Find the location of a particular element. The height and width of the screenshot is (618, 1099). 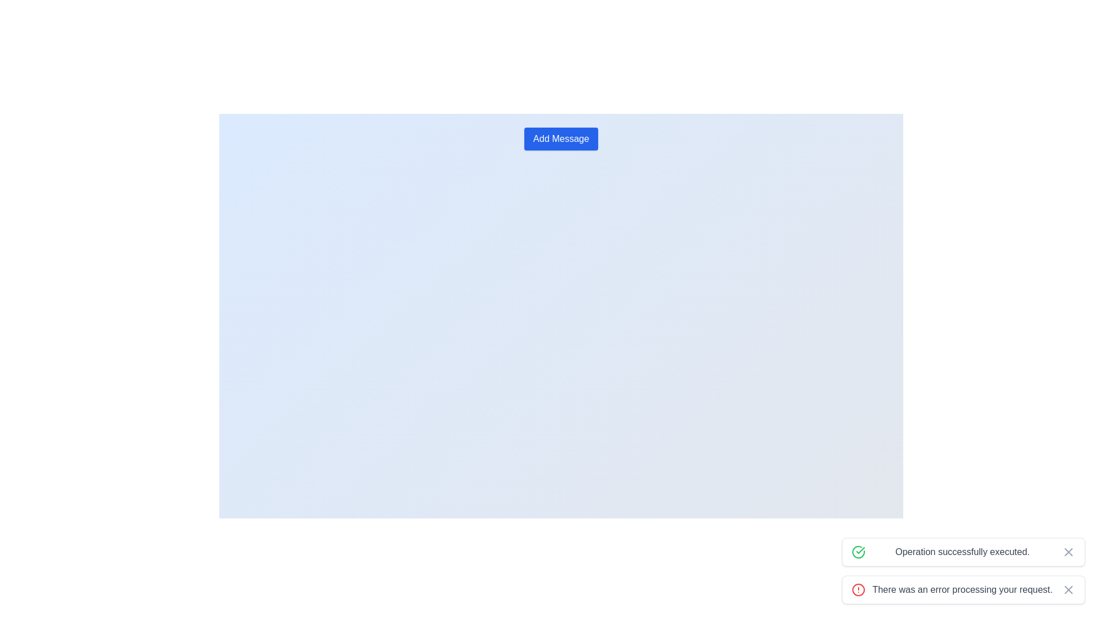

the success indicator icon located within the bottom-right notification card that confirms the operation was completed successfully is located at coordinates (859, 551).